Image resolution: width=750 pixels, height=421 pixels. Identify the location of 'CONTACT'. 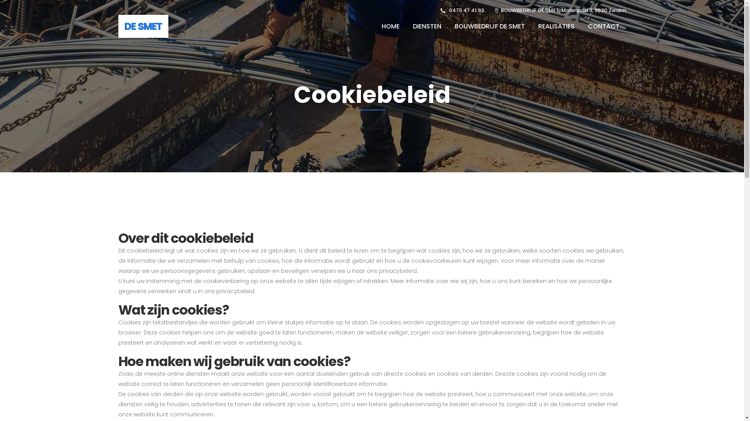
(603, 26).